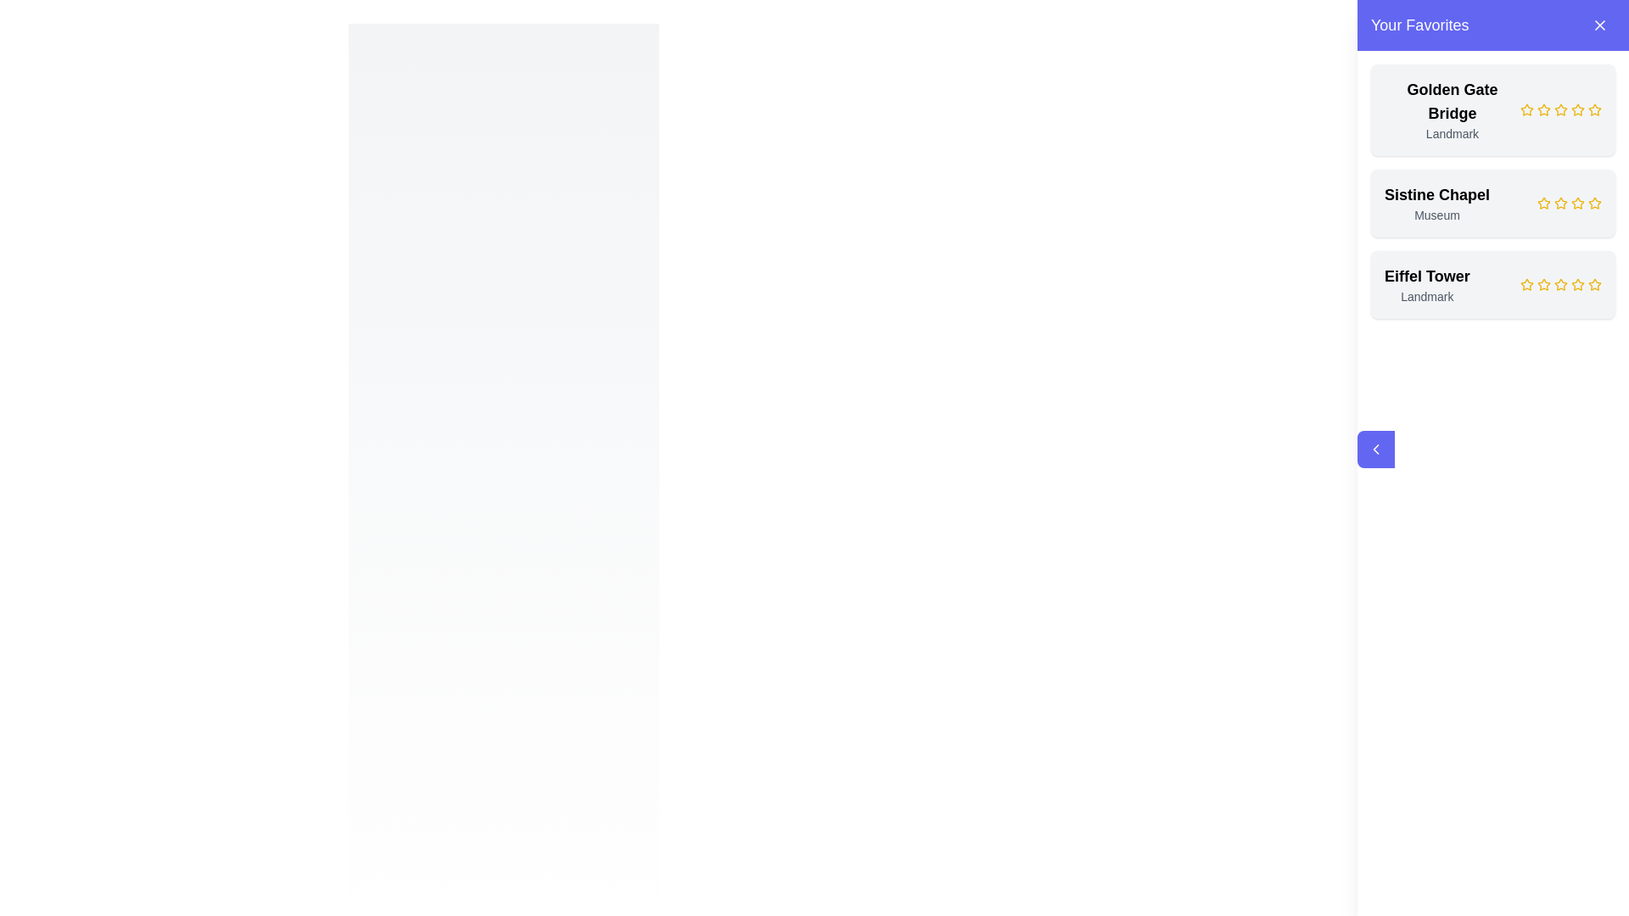  Describe the element at coordinates (1543, 110) in the screenshot. I see `the third Decorative star icon in the star rating system next to the text 'Golden Gate Bridge' to interact with it` at that location.